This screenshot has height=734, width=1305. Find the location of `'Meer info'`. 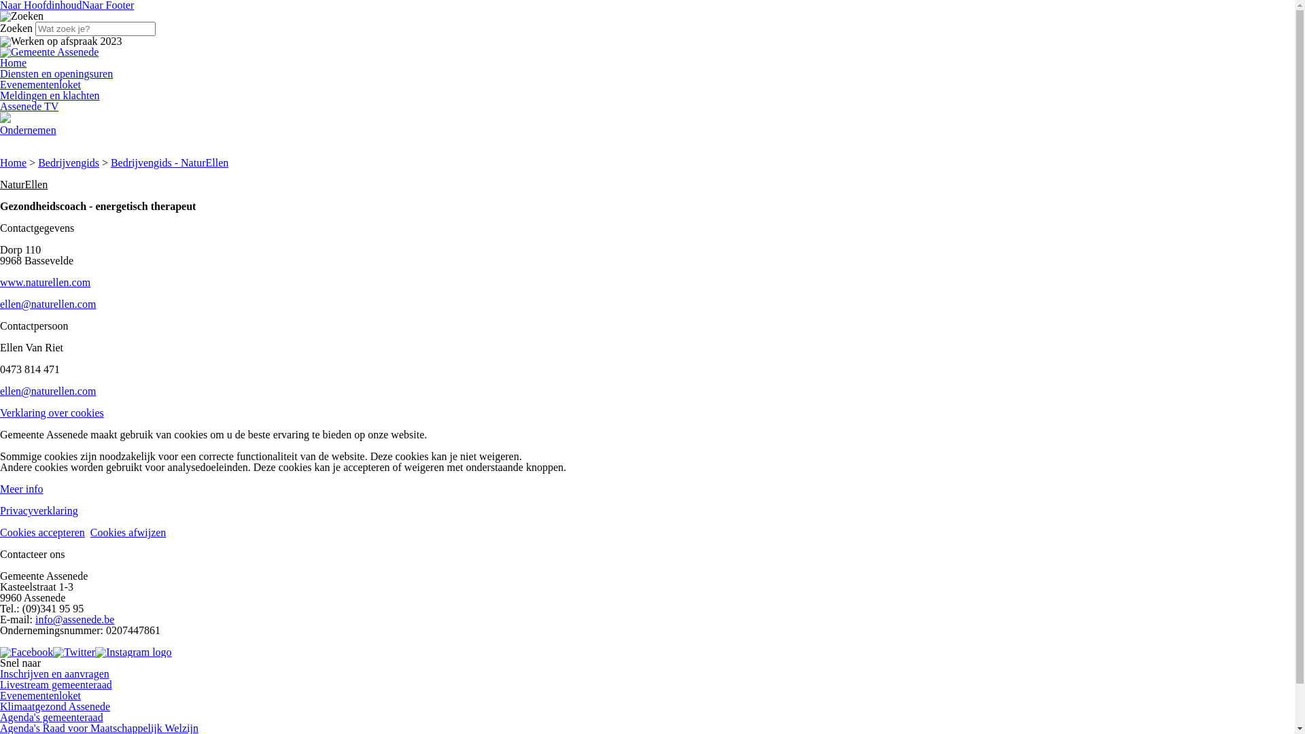

'Meer info' is located at coordinates (22, 488).